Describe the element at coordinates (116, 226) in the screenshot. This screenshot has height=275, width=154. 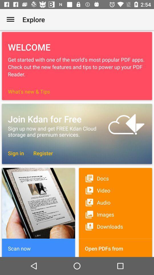
I see `the downloads` at that location.